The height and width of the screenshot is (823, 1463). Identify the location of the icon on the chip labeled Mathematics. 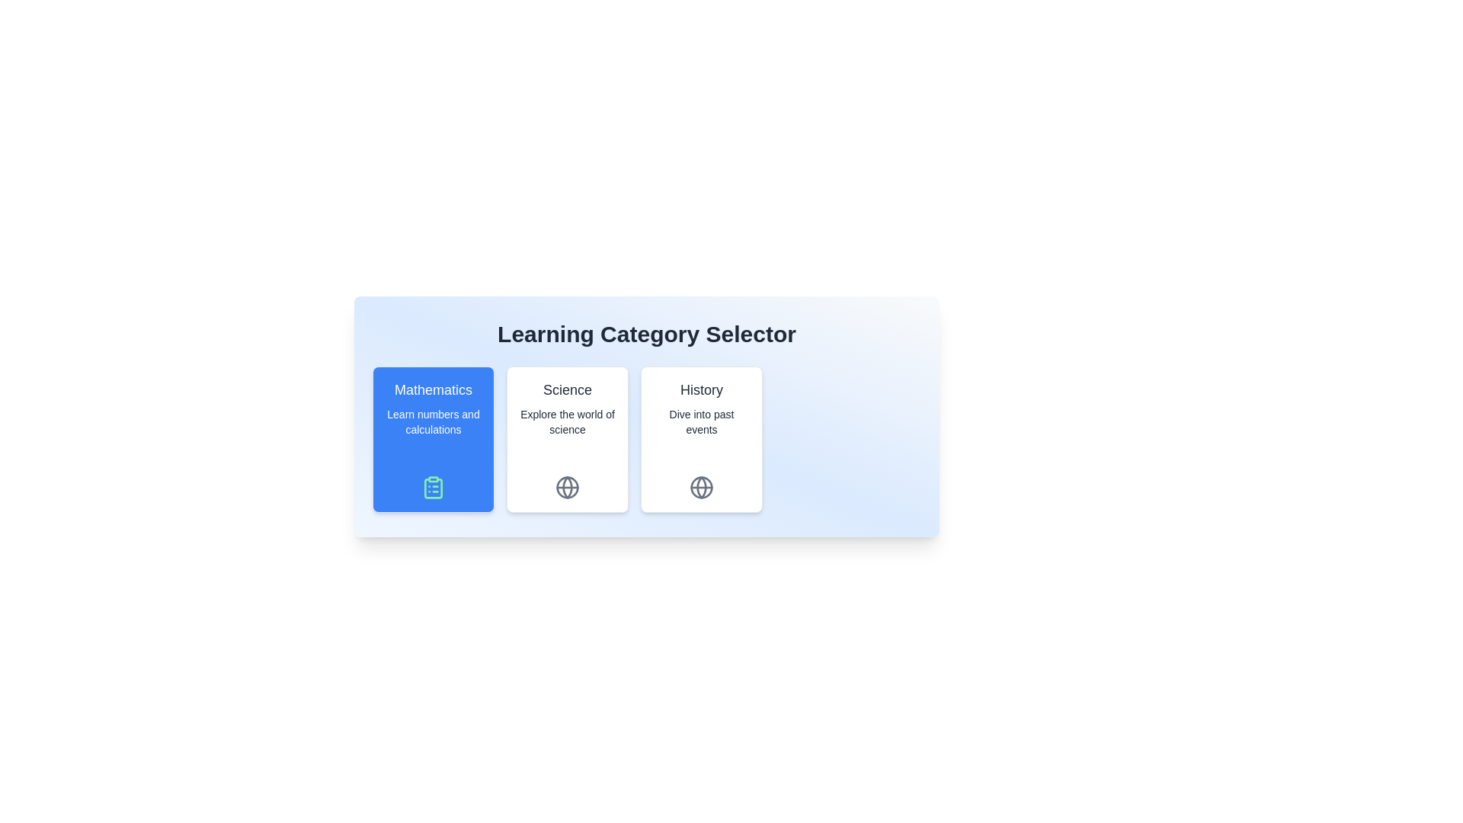
(433, 488).